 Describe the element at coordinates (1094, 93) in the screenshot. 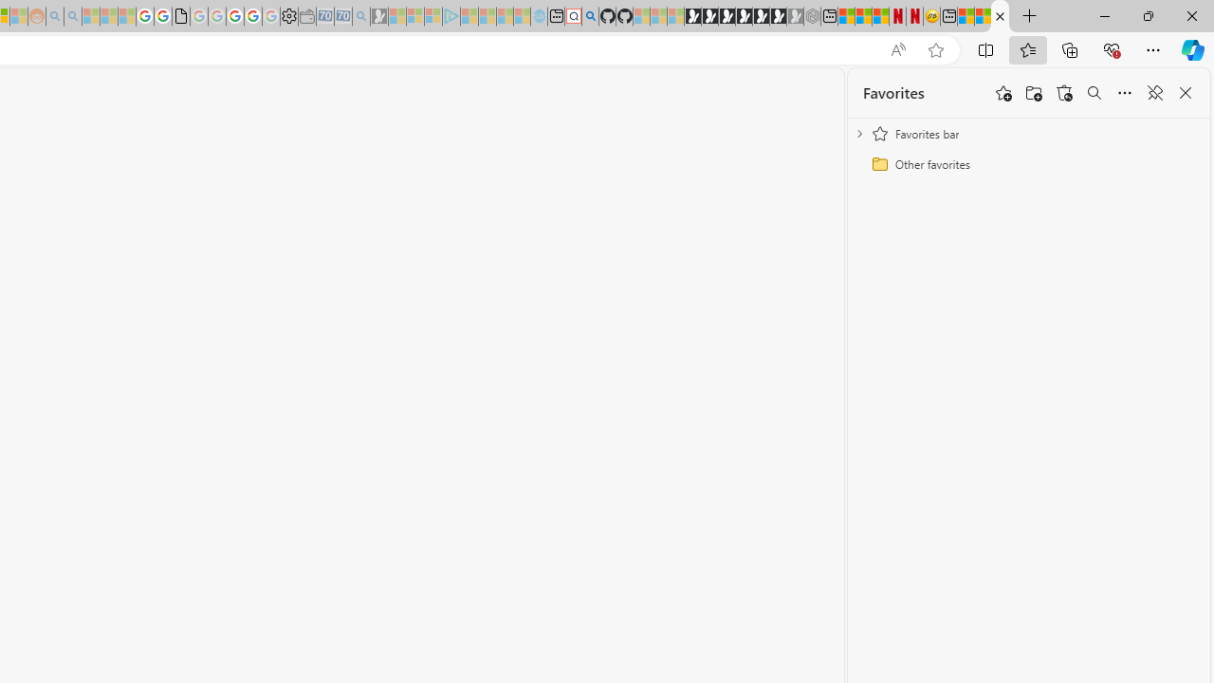

I see `'Search favorites'` at that location.